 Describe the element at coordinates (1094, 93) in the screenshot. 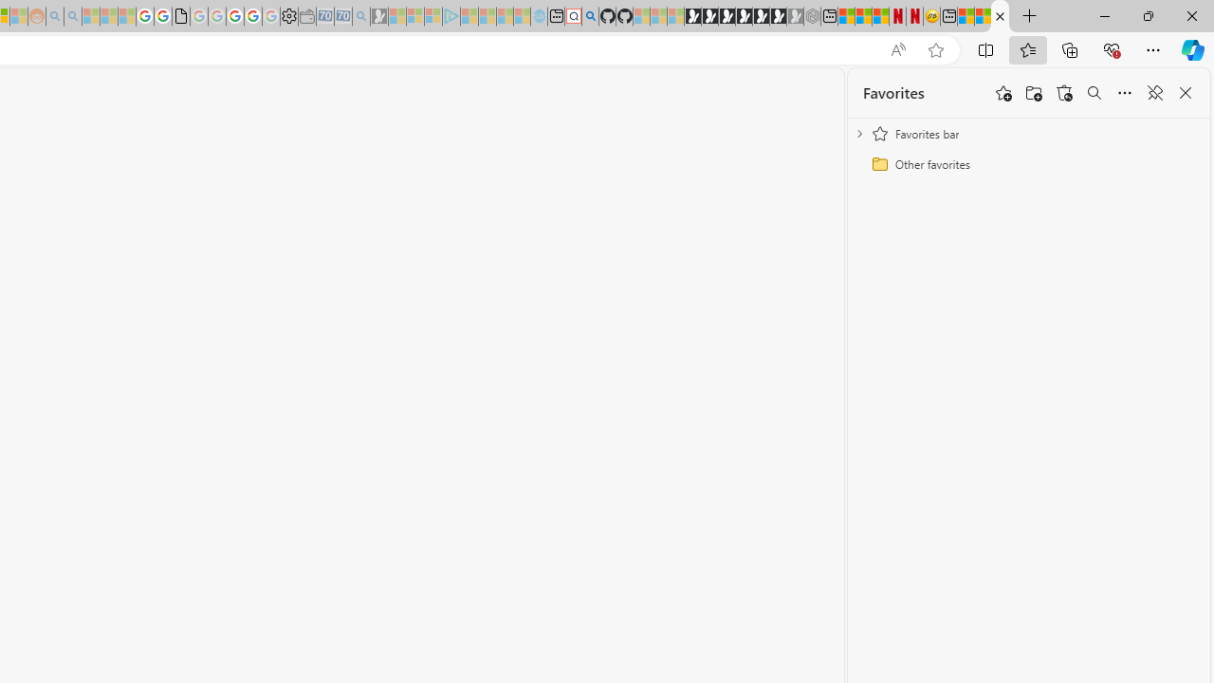

I see `'Search favorites'` at that location.